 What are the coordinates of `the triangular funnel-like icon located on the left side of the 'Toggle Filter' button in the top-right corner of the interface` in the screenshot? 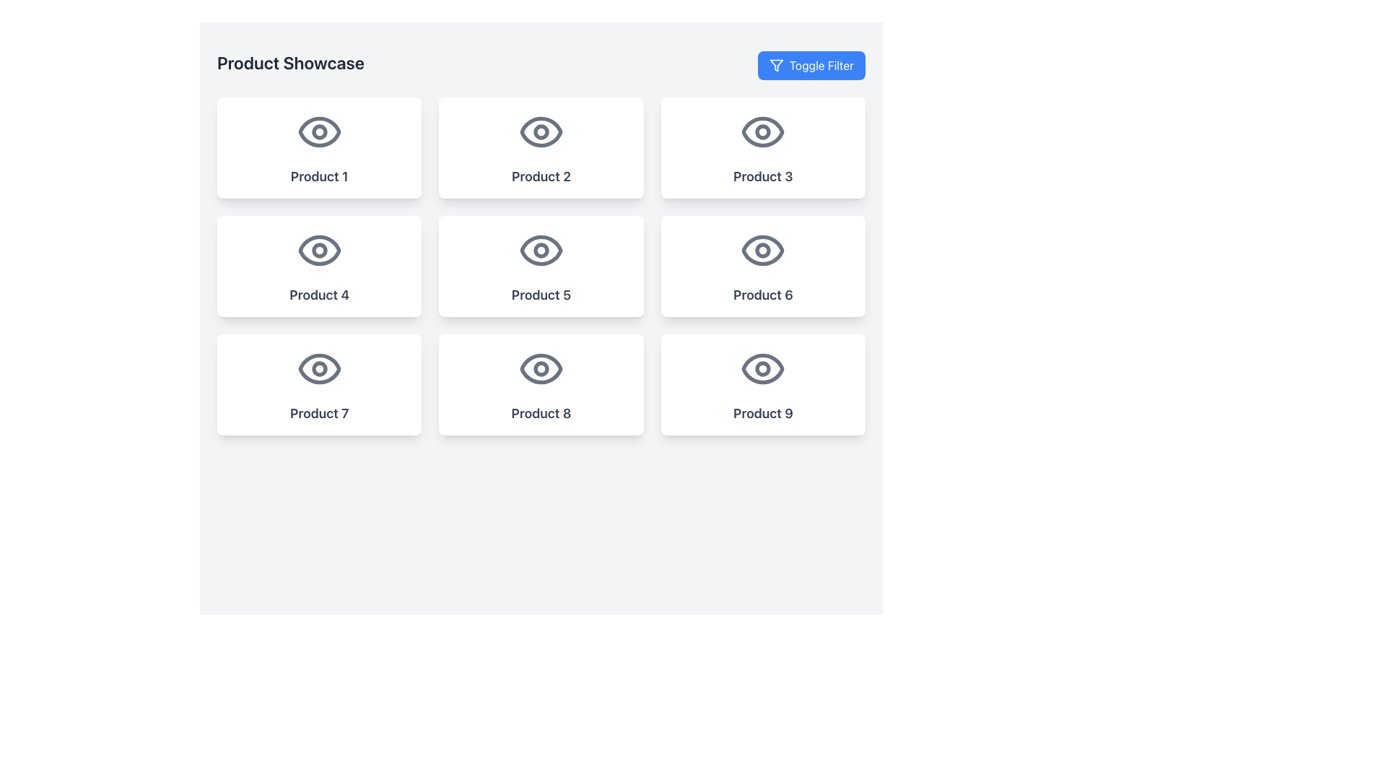 It's located at (775, 66).